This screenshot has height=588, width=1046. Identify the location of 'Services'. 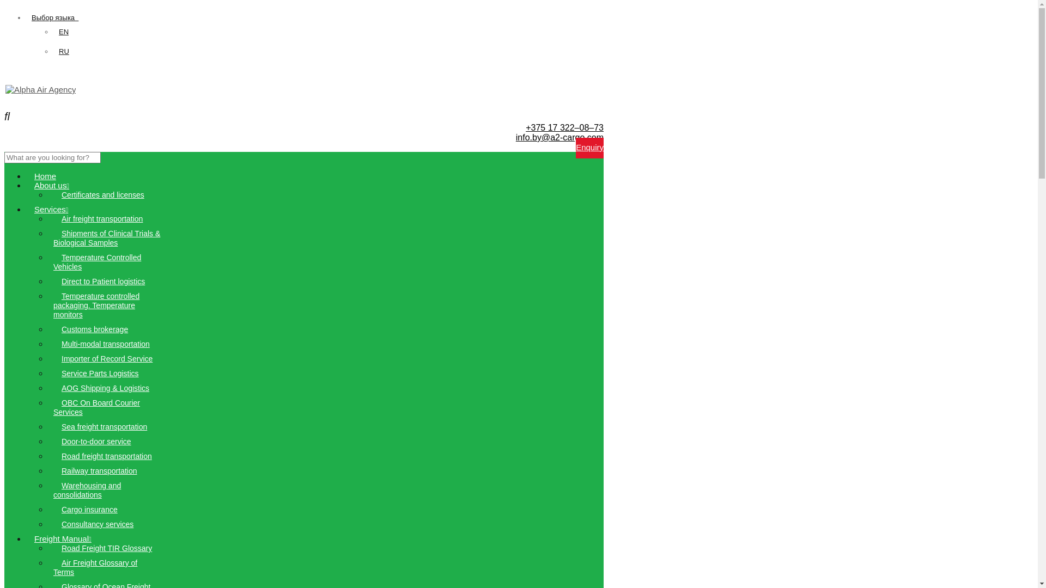
(26, 209).